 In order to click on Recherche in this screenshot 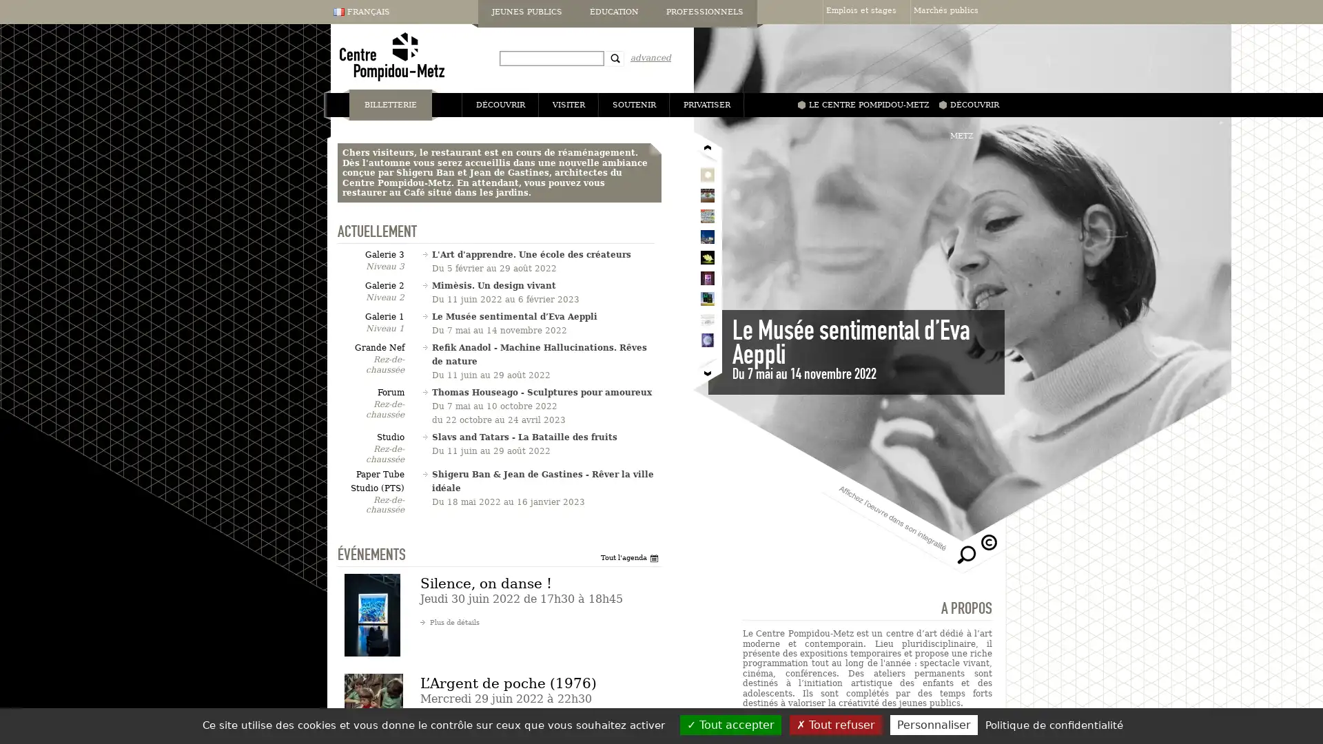, I will do `click(613, 58)`.